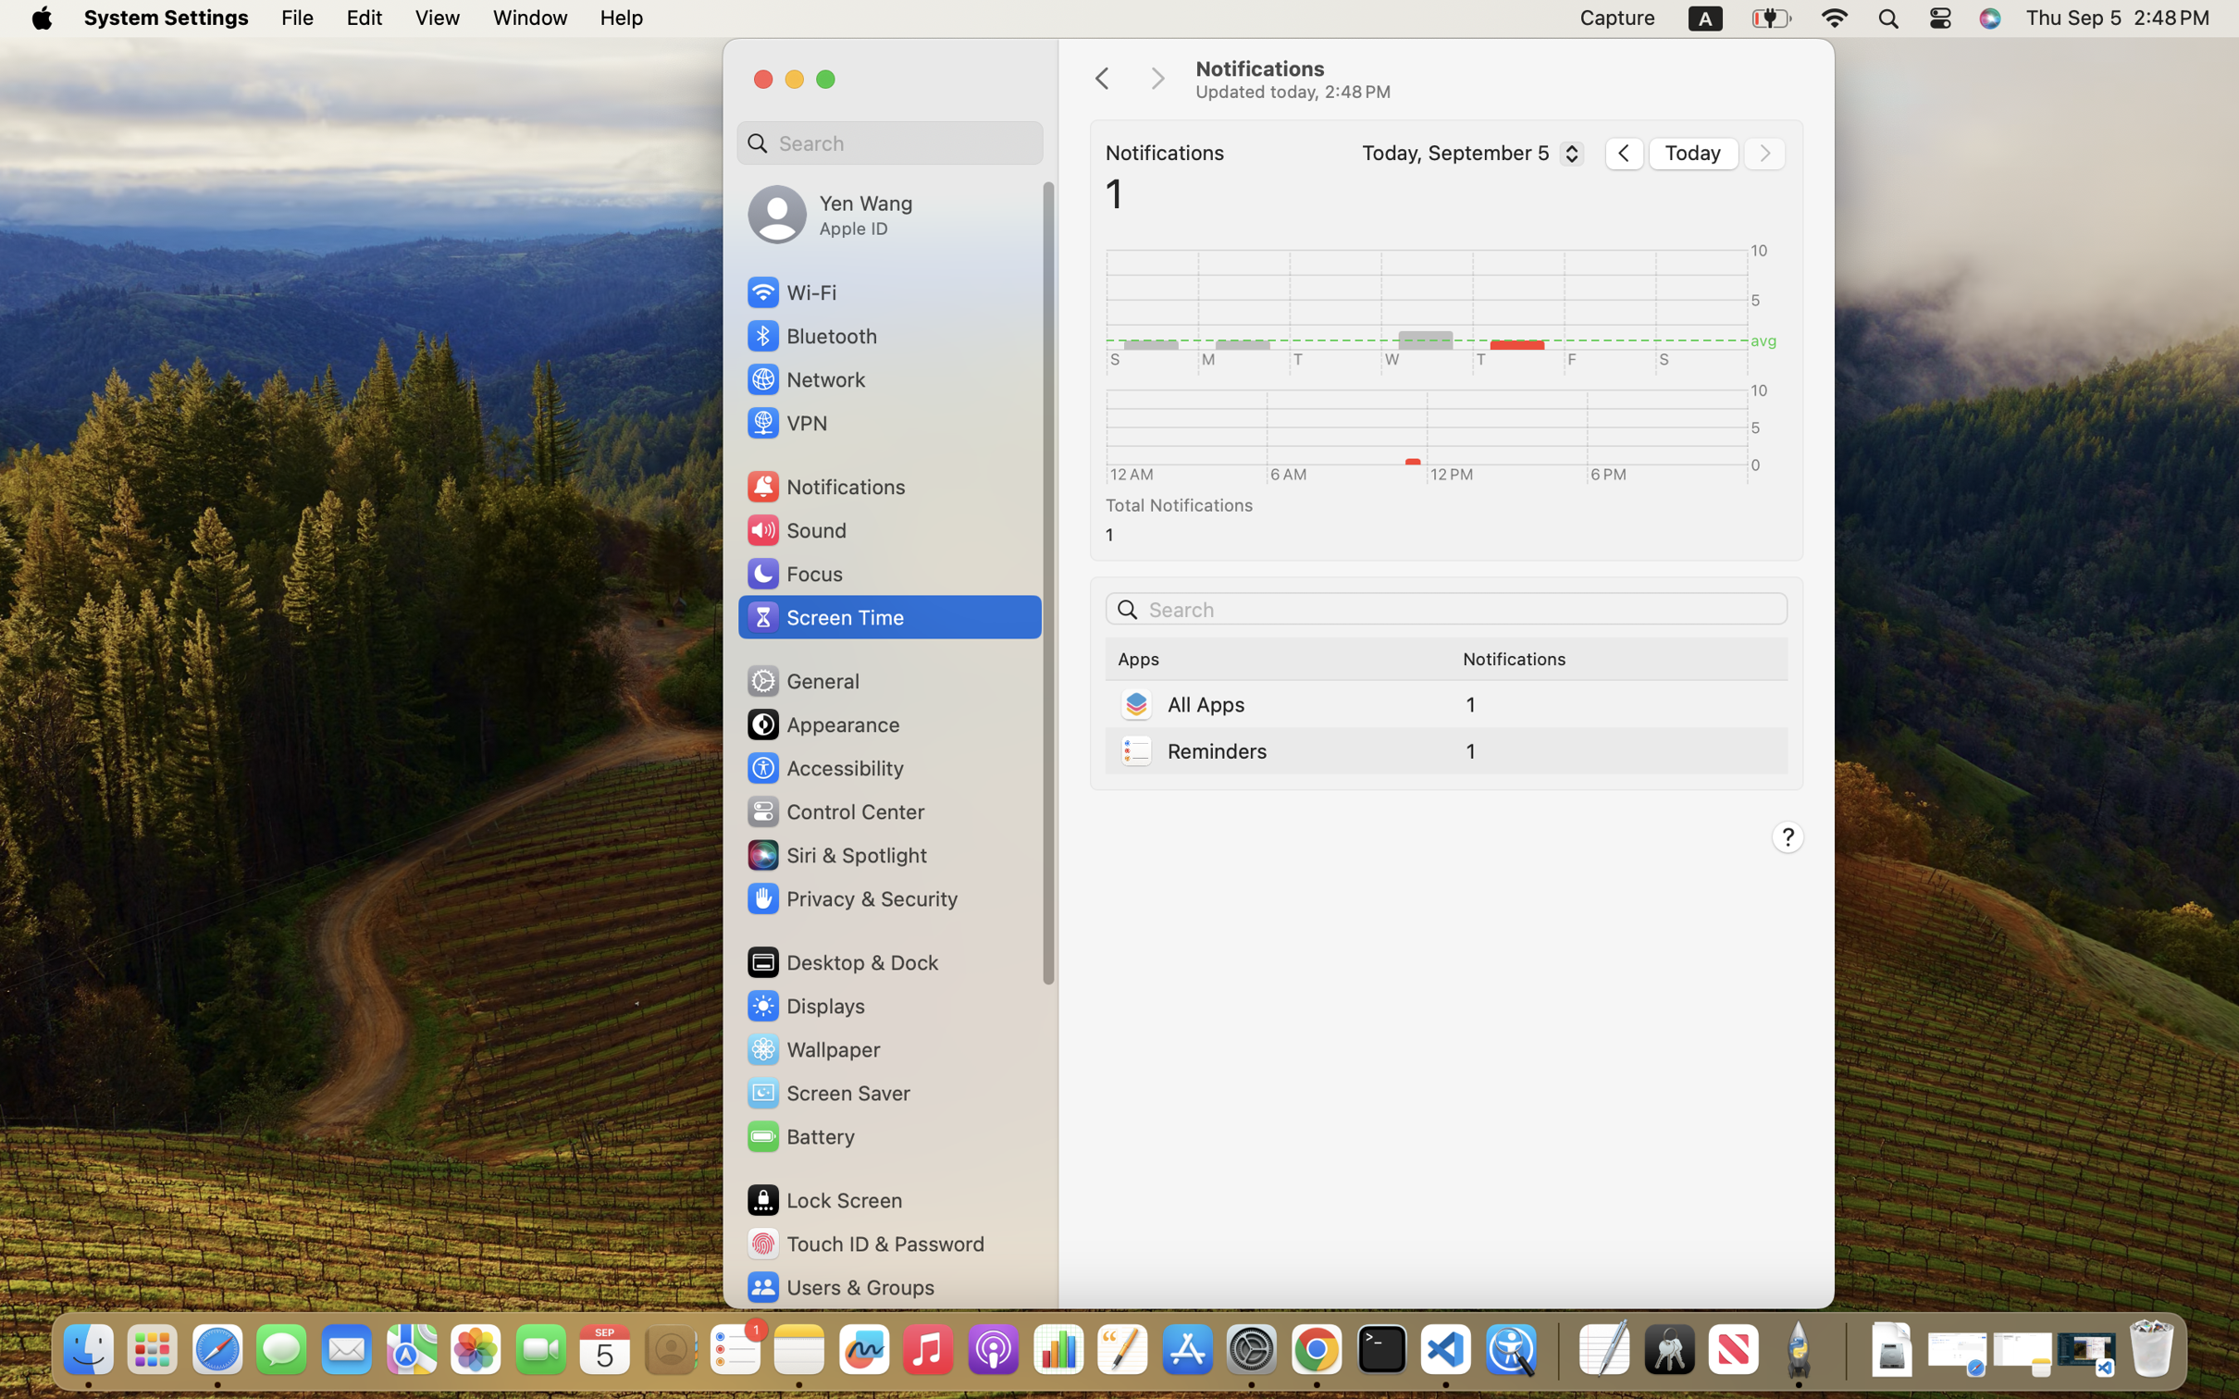 The width and height of the screenshot is (2239, 1399). Describe the element at coordinates (792, 573) in the screenshot. I see `'Focus'` at that location.